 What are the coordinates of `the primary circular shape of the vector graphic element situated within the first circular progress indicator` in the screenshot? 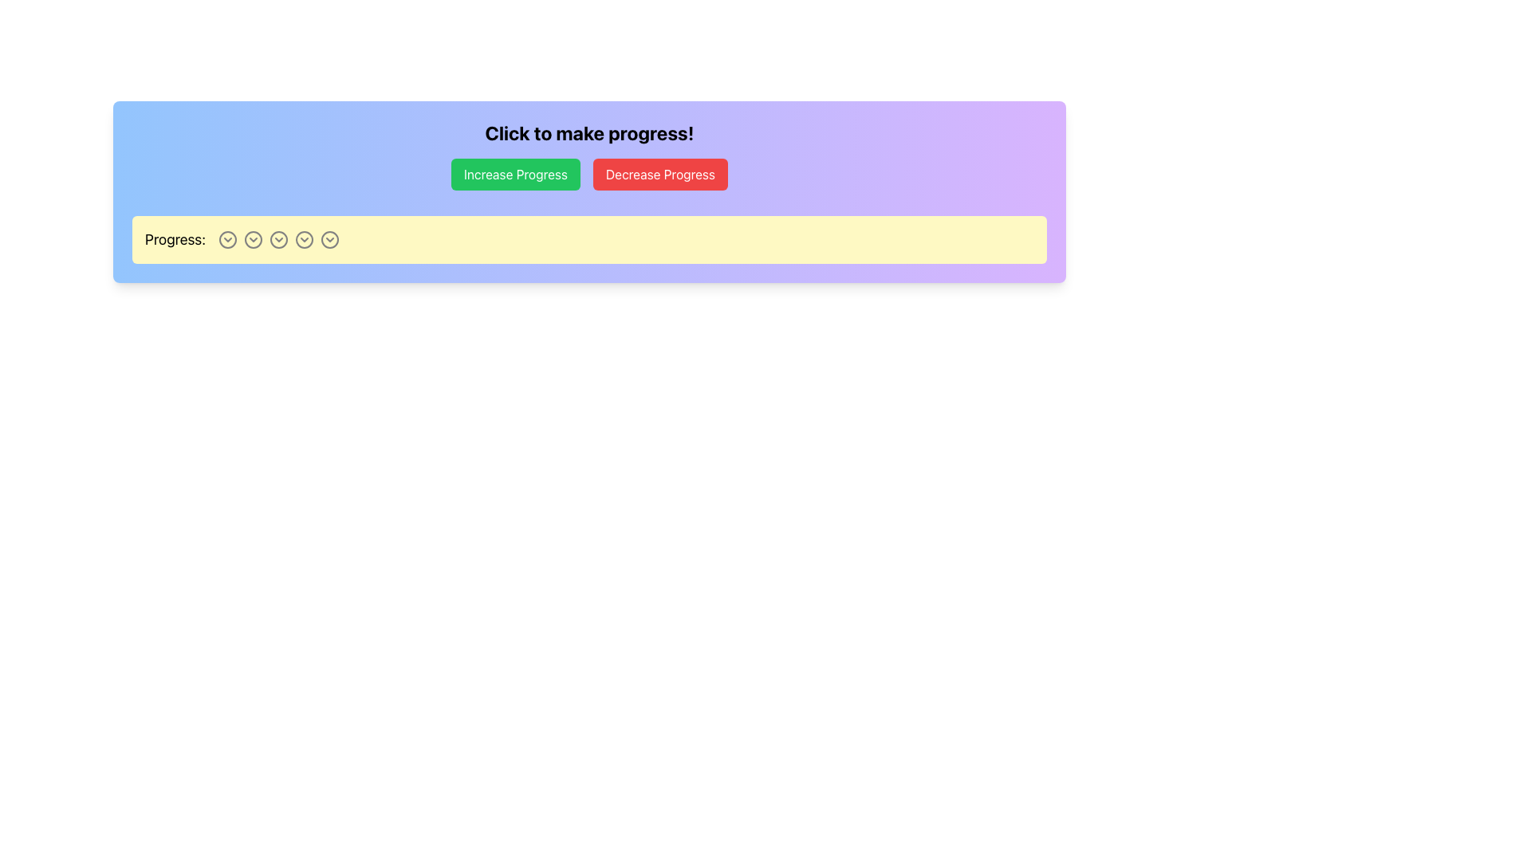 It's located at (227, 239).